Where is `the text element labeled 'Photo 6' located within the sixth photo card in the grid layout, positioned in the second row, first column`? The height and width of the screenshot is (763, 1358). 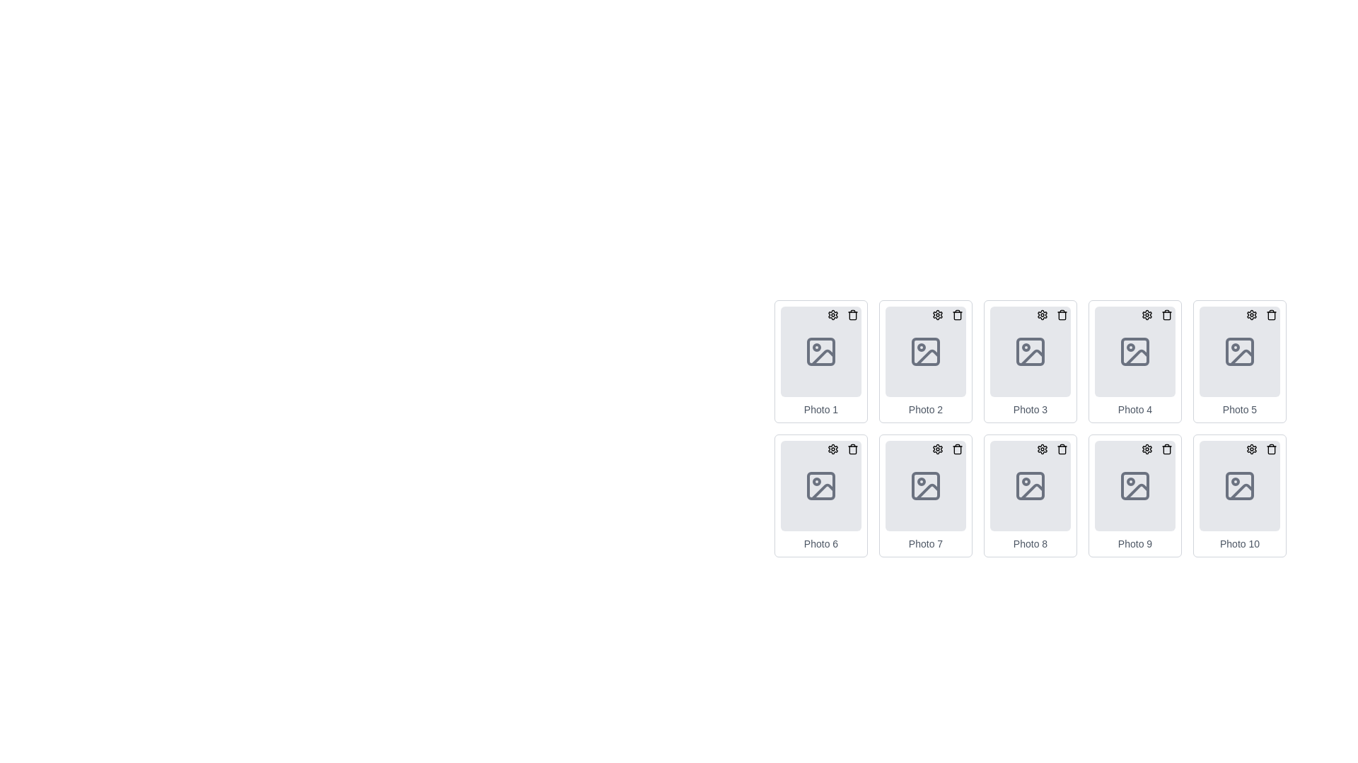
the text element labeled 'Photo 6' located within the sixth photo card in the grid layout, positioned in the second row, first column is located at coordinates (821, 543).